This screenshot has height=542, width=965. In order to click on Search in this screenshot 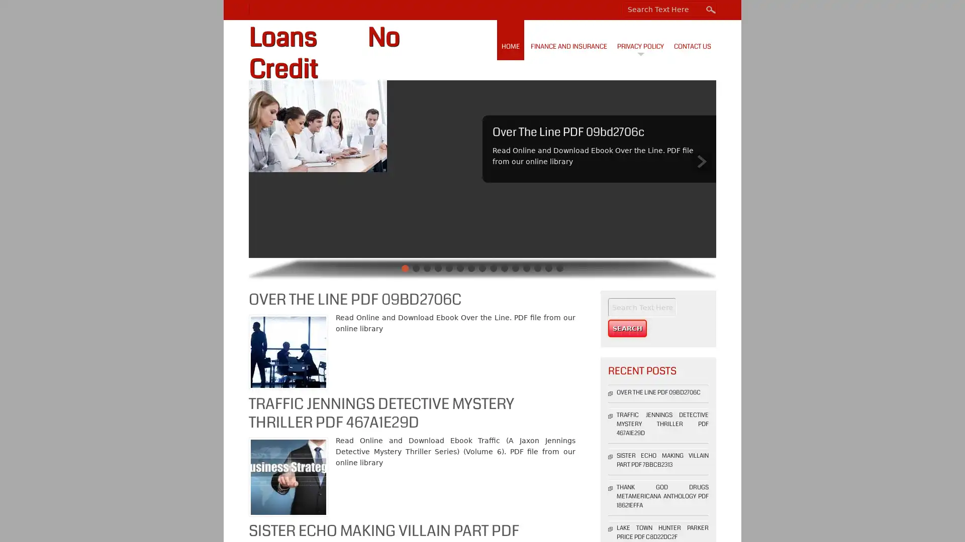, I will do `click(627, 328)`.